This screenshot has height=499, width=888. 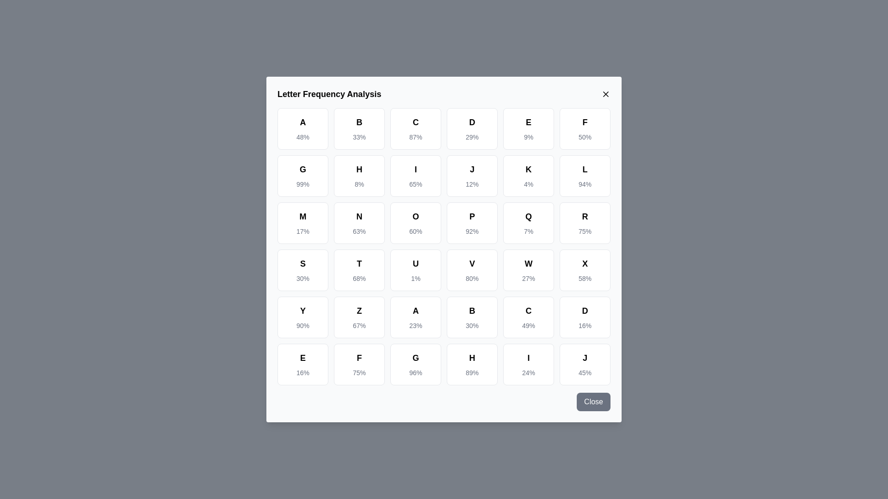 I want to click on the letter cell corresponding to P, so click(x=472, y=223).